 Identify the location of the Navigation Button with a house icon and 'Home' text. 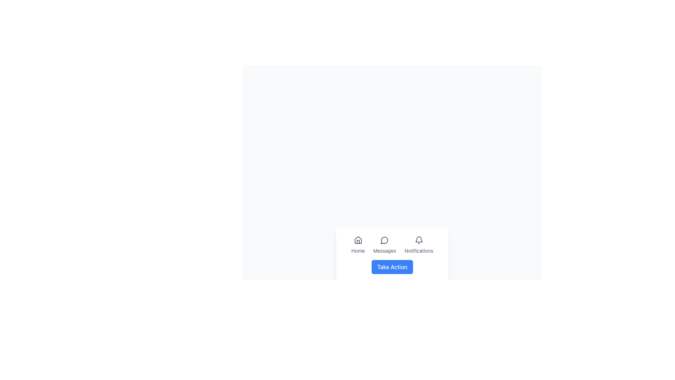
(358, 245).